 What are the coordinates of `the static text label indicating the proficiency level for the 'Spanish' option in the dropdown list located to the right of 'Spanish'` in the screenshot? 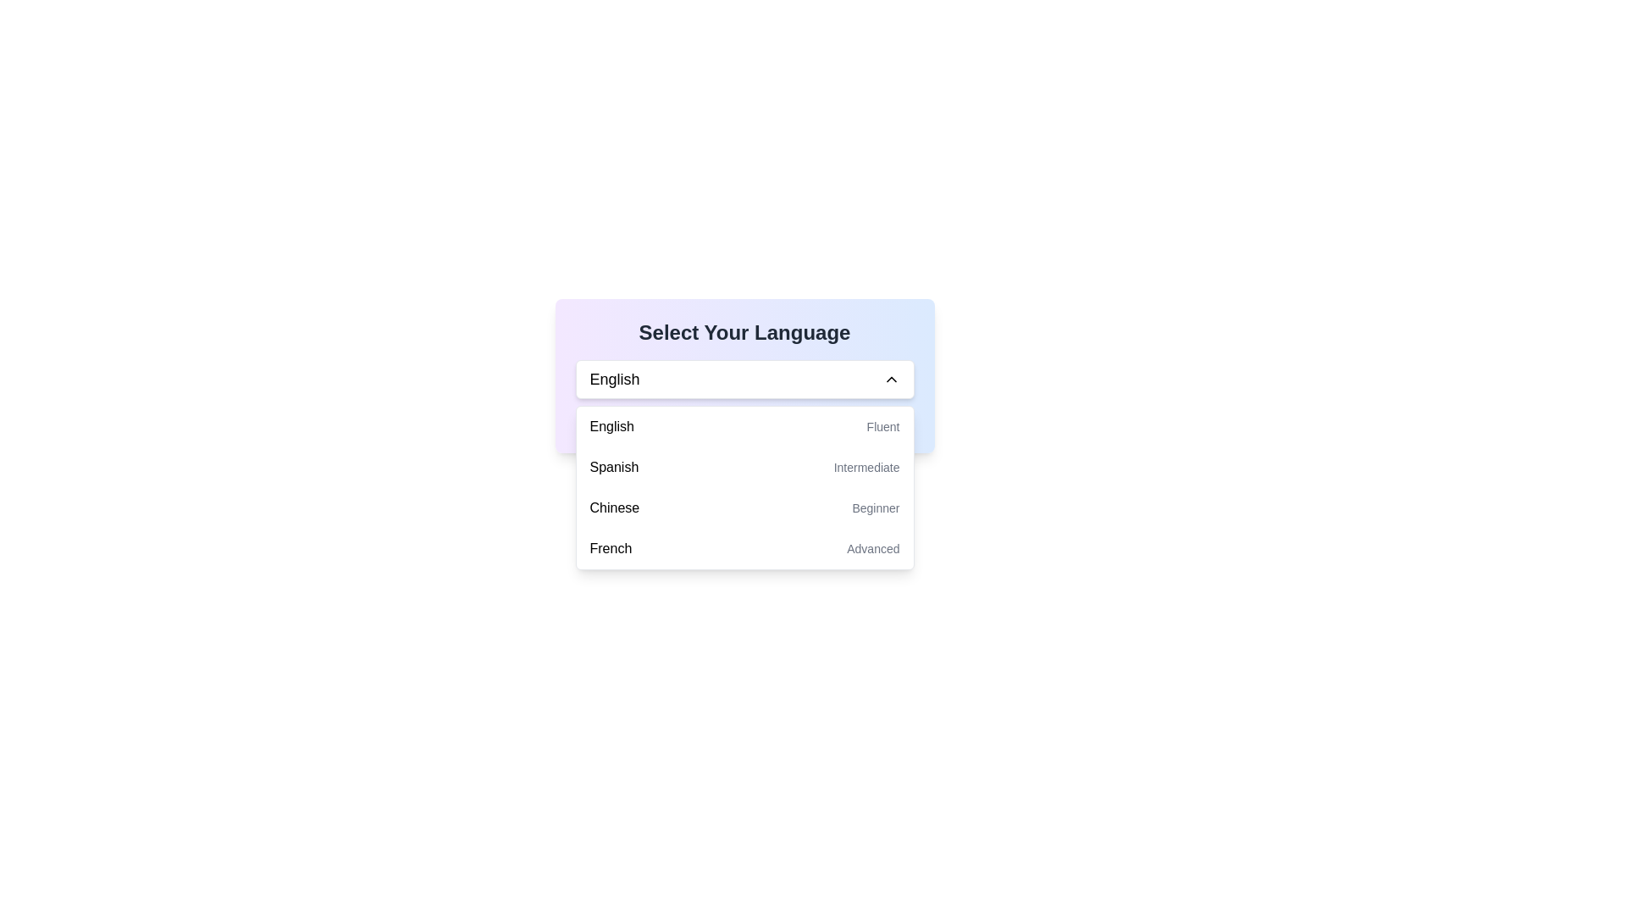 It's located at (866, 467).